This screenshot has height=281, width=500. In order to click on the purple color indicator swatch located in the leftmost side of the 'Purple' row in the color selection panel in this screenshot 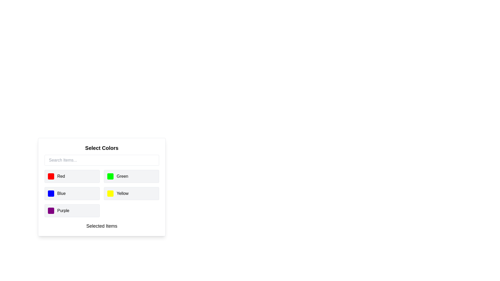, I will do `click(51, 211)`.